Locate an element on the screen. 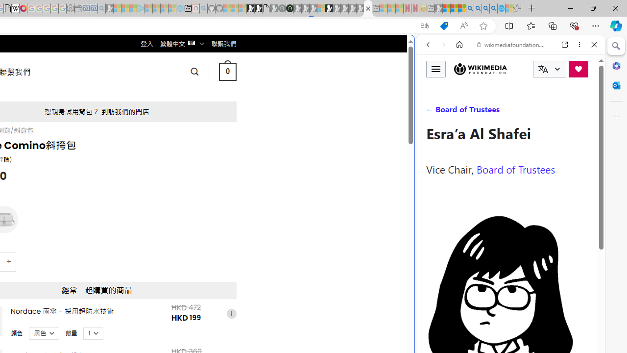 The image size is (627, 353). 'wikimediafoundation.org' is located at coordinates (512, 45).